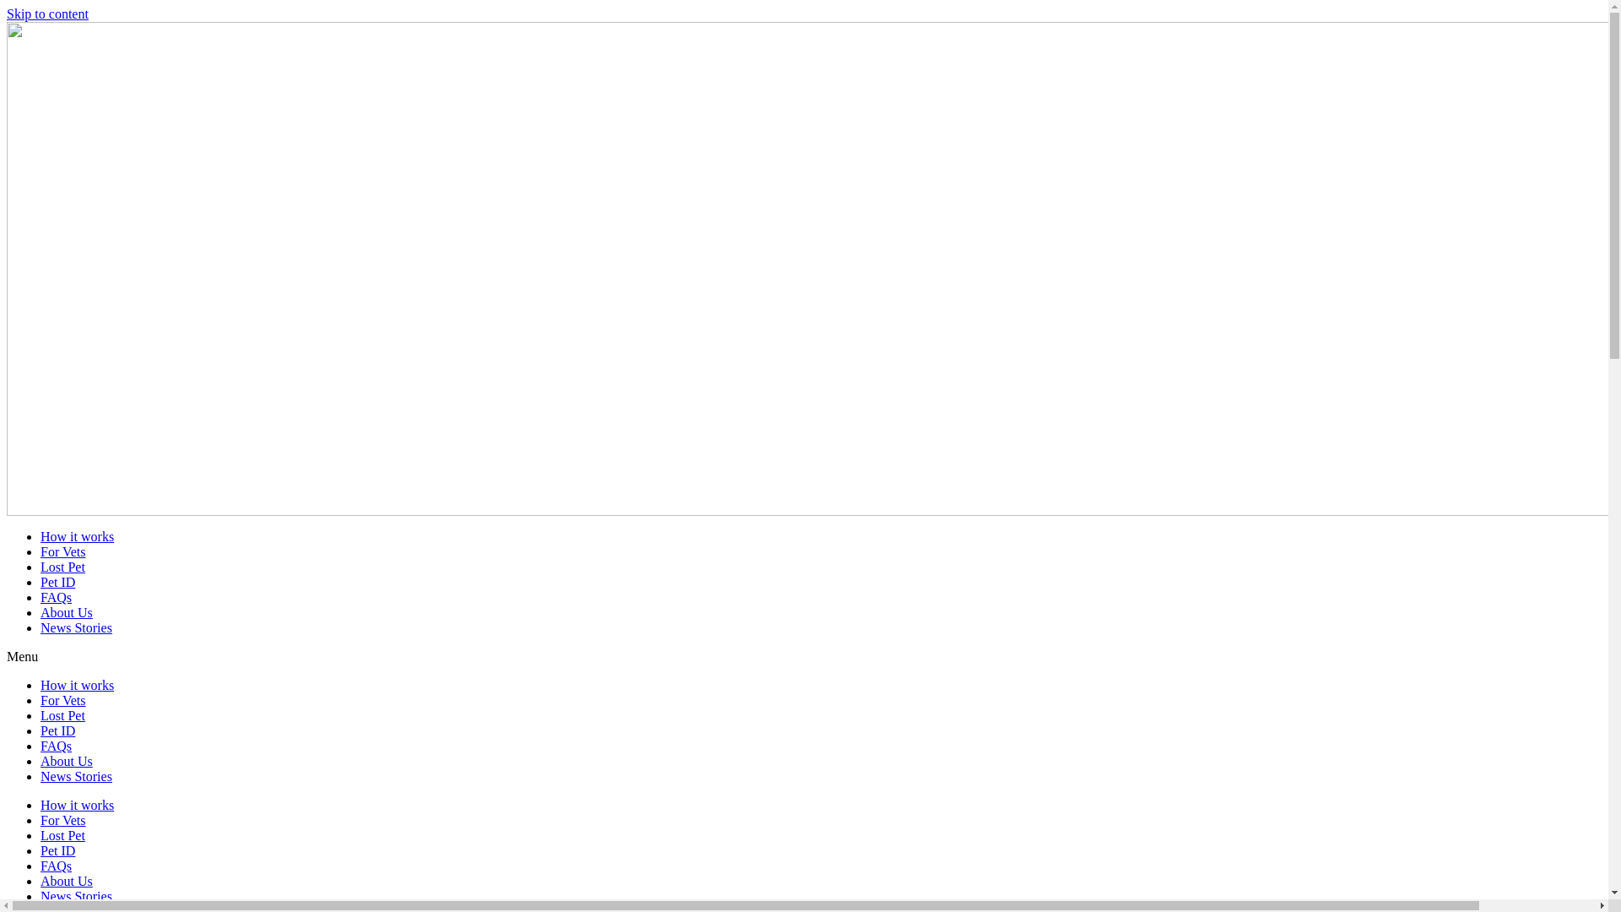 The width and height of the screenshot is (1621, 912). What do you see at coordinates (56, 745) in the screenshot?
I see `'FAQs'` at bounding box center [56, 745].